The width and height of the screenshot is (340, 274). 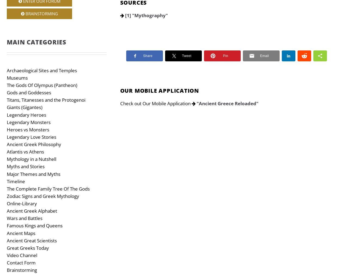 I want to click on 'Contact Form', so click(x=21, y=262).